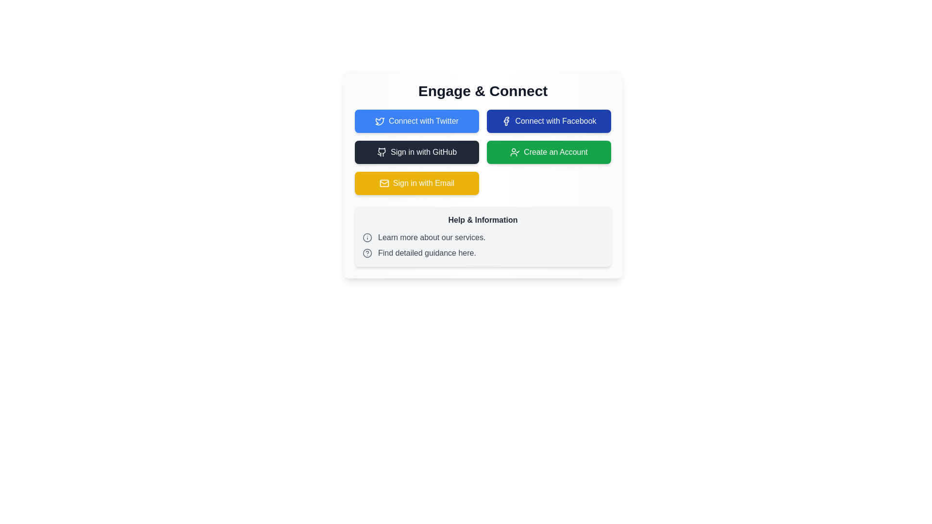 The height and width of the screenshot is (524, 932). What do you see at coordinates (483, 237) in the screenshot?
I see `informational text located in the 'Help & Information' section, which provides a link for users to access additional services information` at bounding box center [483, 237].